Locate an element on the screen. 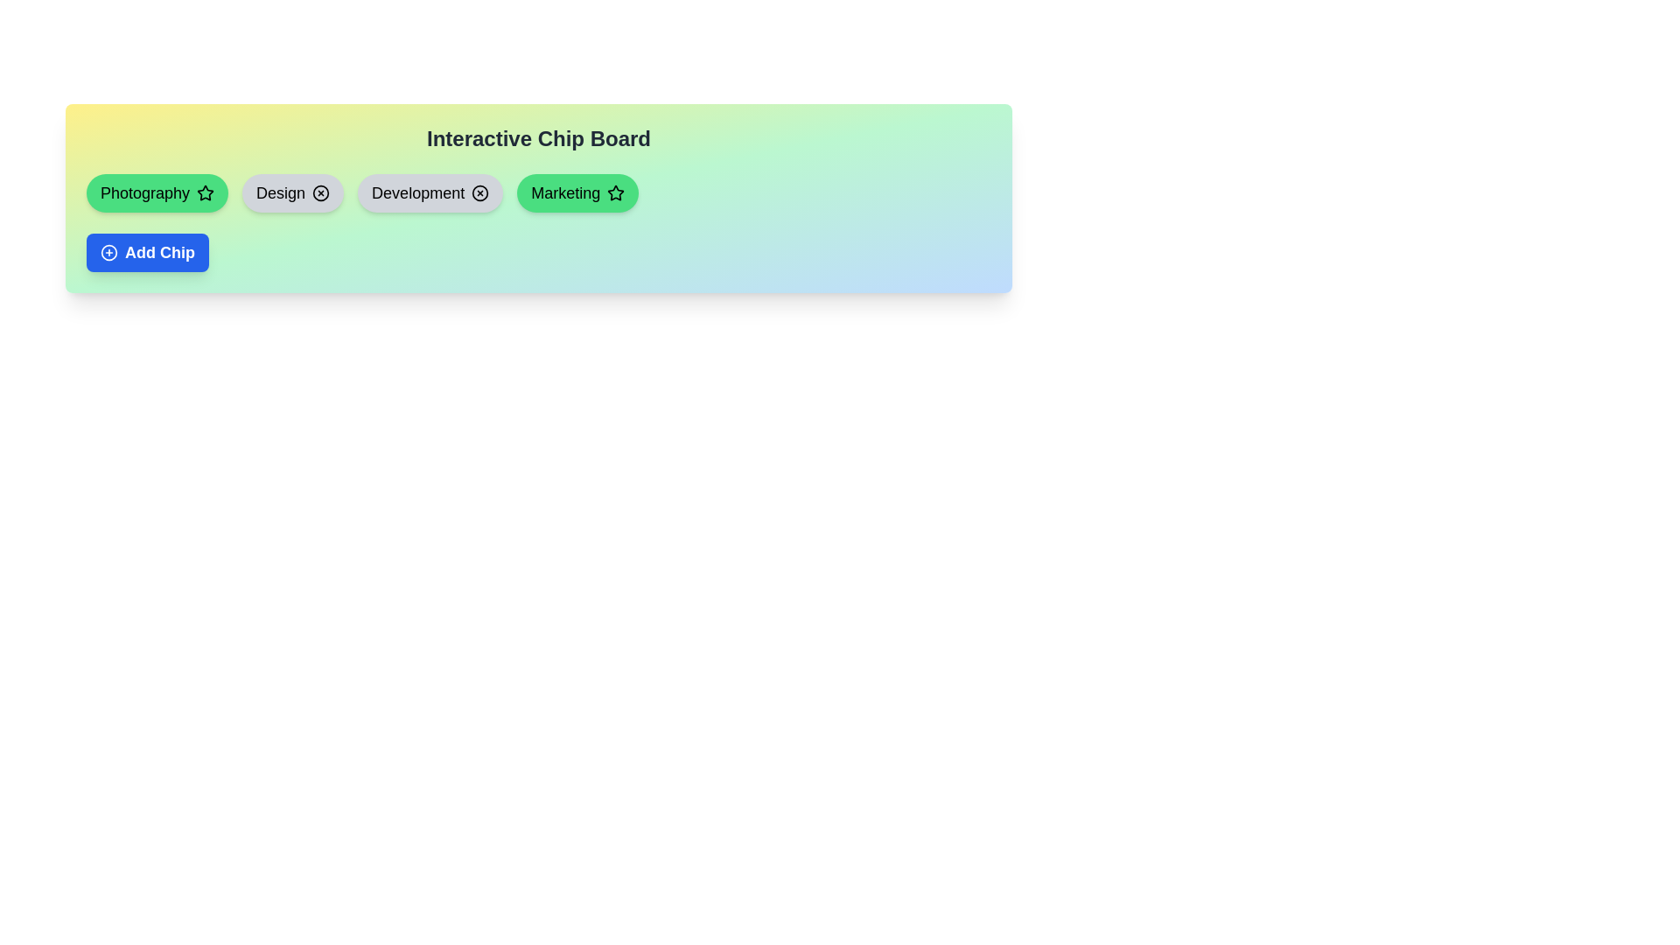 The width and height of the screenshot is (1680, 945). the 'Design' button, which is a rounded rectangular chip with a gray background and bold text, to observe the scaling effect is located at coordinates (293, 192).